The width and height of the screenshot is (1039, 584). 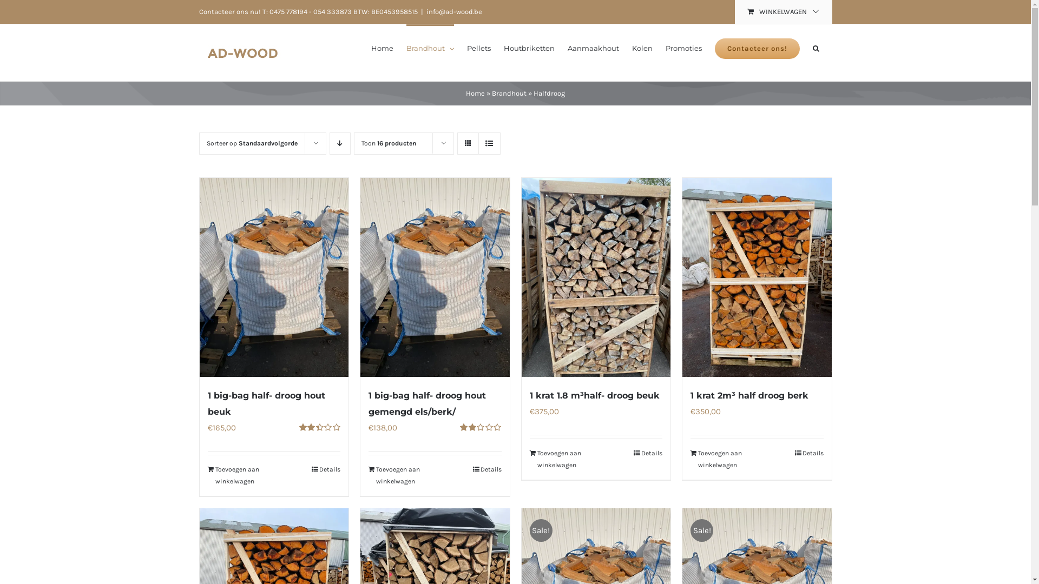 What do you see at coordinates (592, 47) in the screenshot?
I see `'Aanmaakhout'` at bounding box center [592, 47].